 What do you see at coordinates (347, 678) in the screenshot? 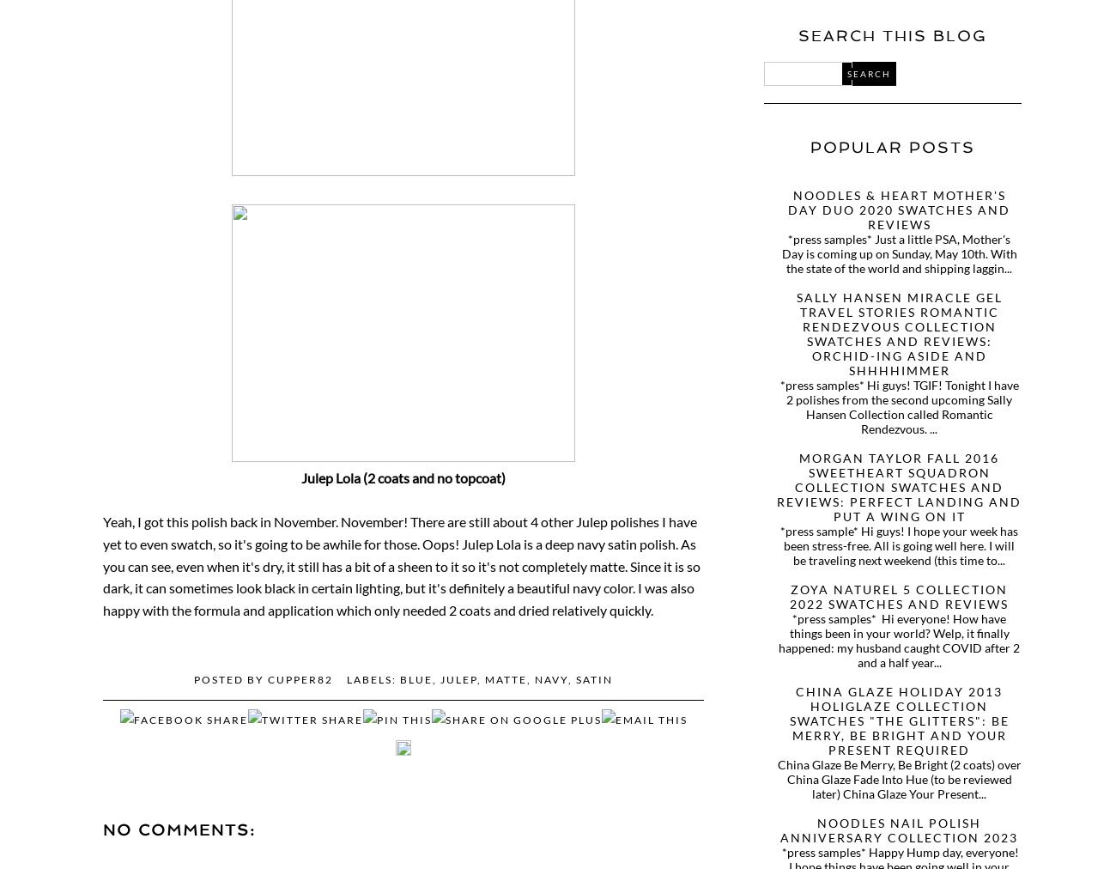
I see `'Labels:'` at bounding box center [347, 678].